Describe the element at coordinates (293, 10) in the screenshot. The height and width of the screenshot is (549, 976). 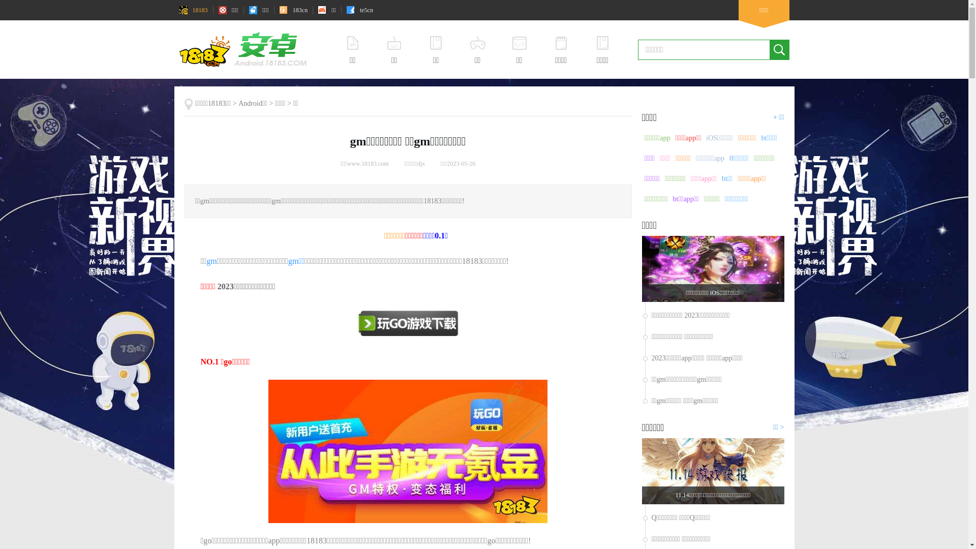
I see `'183cn'` at that location.